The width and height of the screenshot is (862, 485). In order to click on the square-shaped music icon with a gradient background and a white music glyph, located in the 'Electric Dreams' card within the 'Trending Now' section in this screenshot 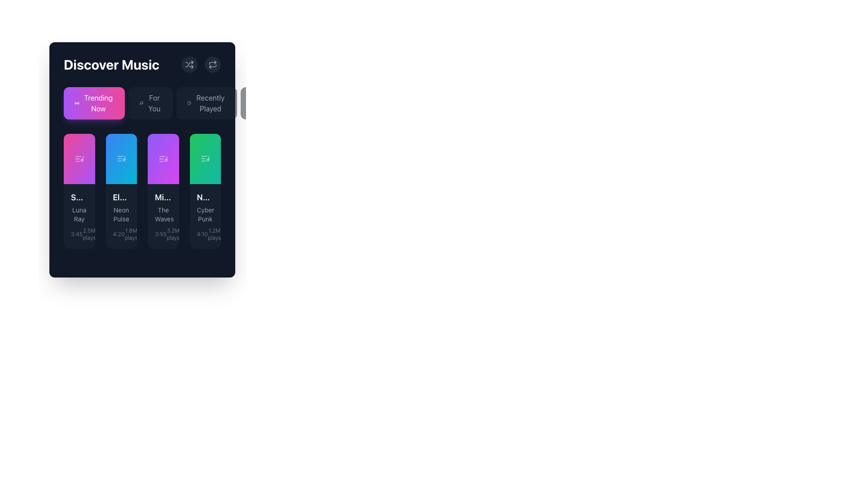, I will do `click(121, 159)`.